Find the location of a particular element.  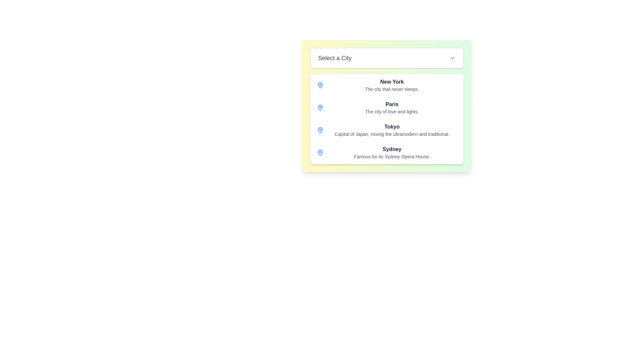

the first selectable list item for the city 'New York' below the 'Select a City' dropdown menu is located at coordinates (387, 85).